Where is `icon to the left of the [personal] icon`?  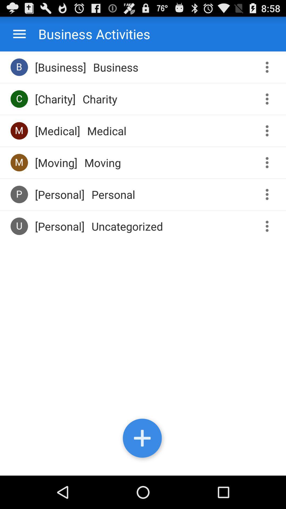
icon to the left of the [personal] icon is located at coordinates (19, 194).